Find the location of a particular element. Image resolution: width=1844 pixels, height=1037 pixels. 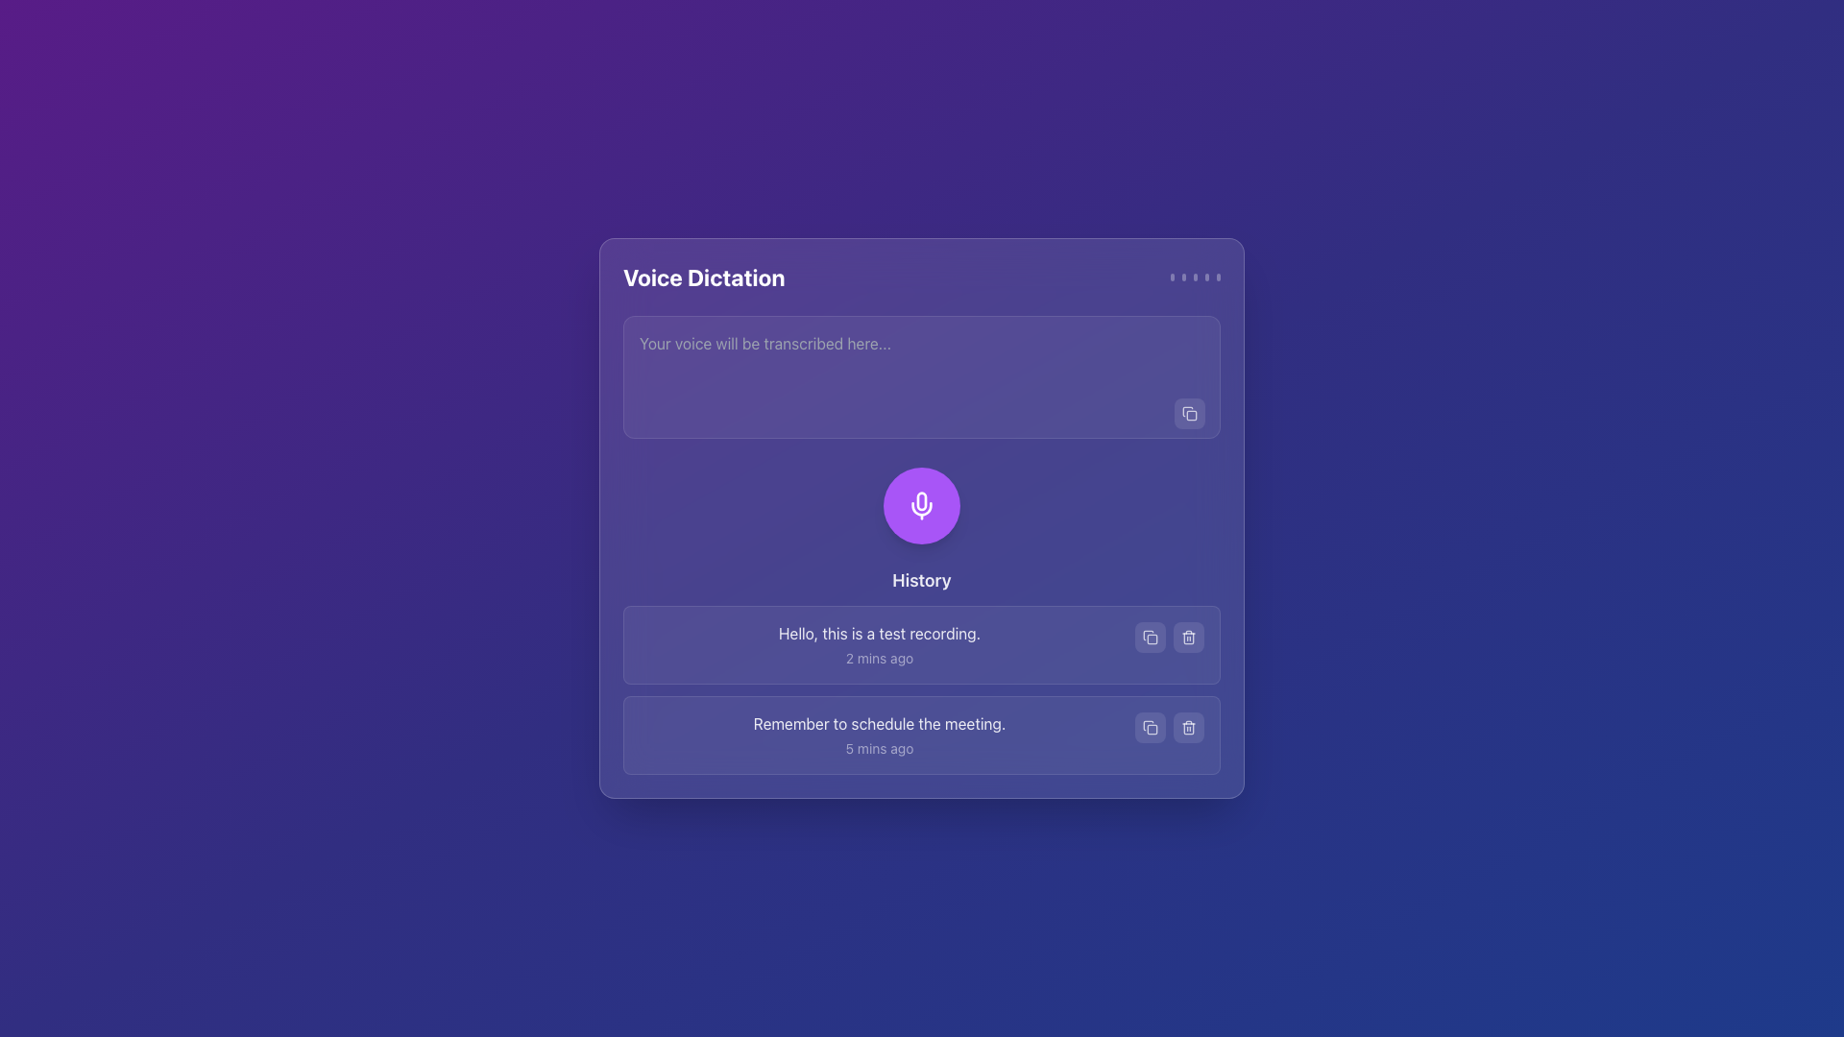

the icon button located at the bottom-right corner of the second history entry is located at coordinates (1151, 728).